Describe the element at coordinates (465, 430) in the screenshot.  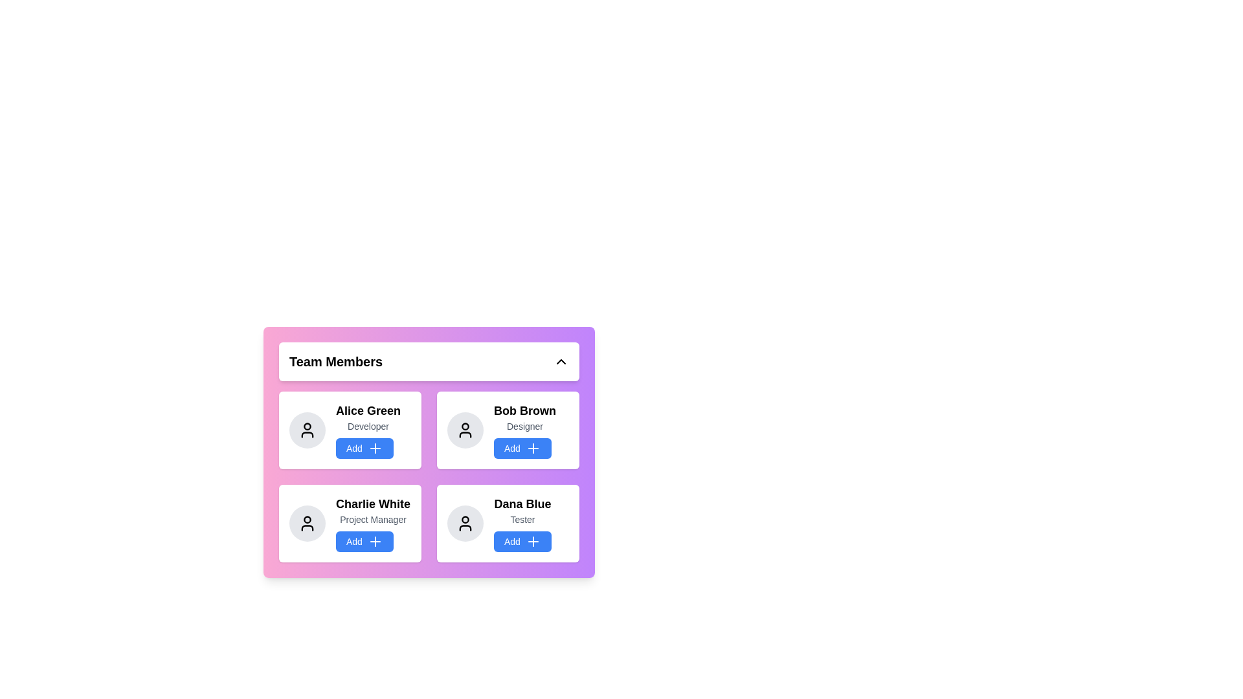
I see `the visual icon representing the team member 'Bob Brown' within the second card of the 'Team Members' section` at that location.